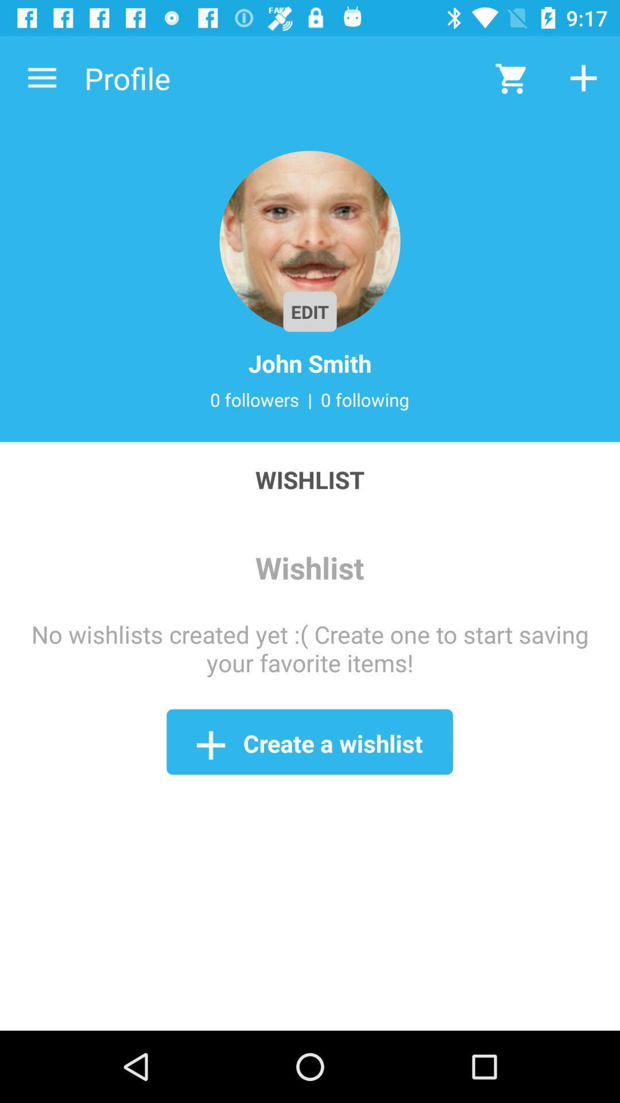  What do you see at coordinates (310, 241) in the screenshot?
I see `icon above john smith` at bounding box center [310, 241].